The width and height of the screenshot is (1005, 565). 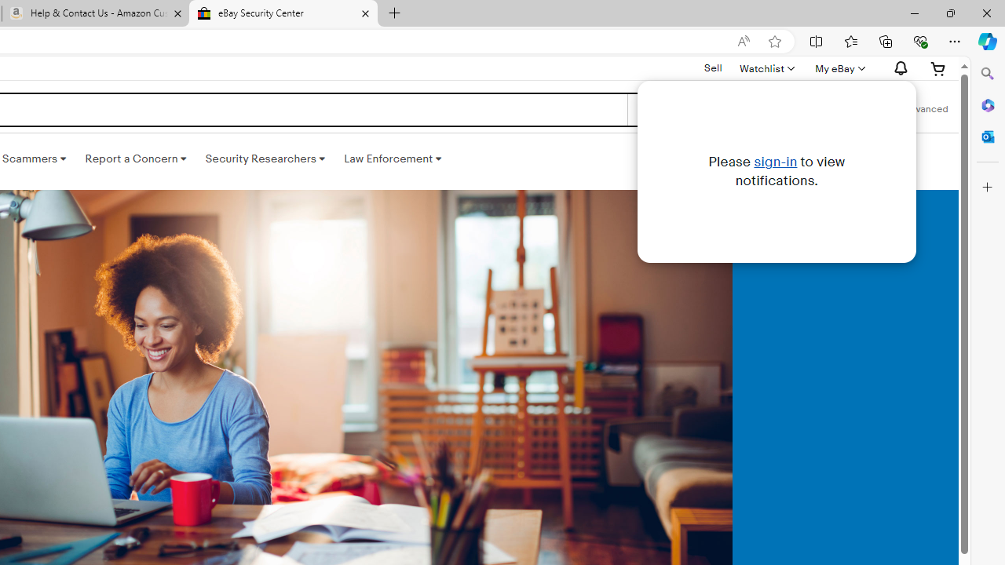 I want to click on 'eBay Security Center', so click(x=283, y=13).